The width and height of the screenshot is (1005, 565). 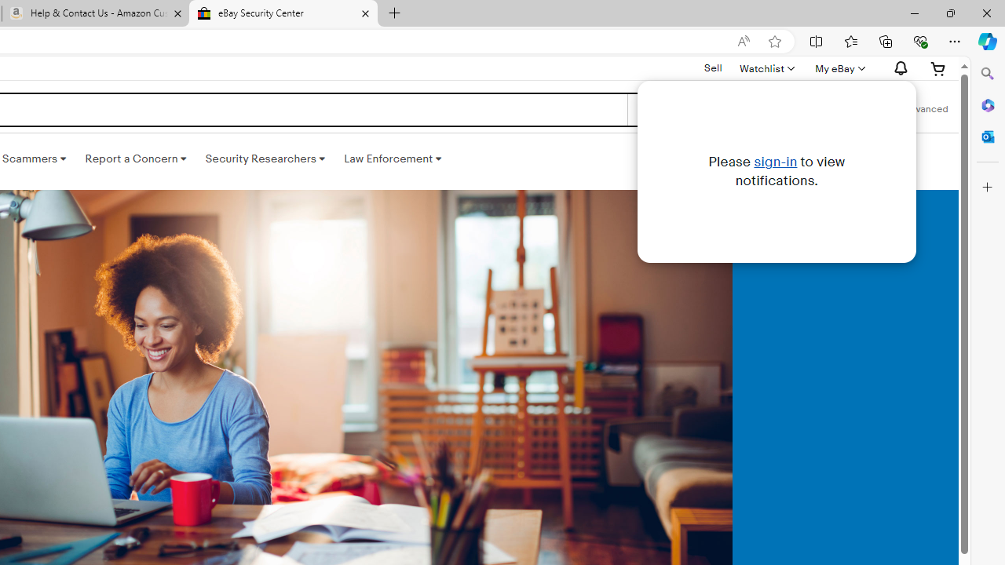 I want to click on 'eBay Security Center', so click(x=283, y=13).